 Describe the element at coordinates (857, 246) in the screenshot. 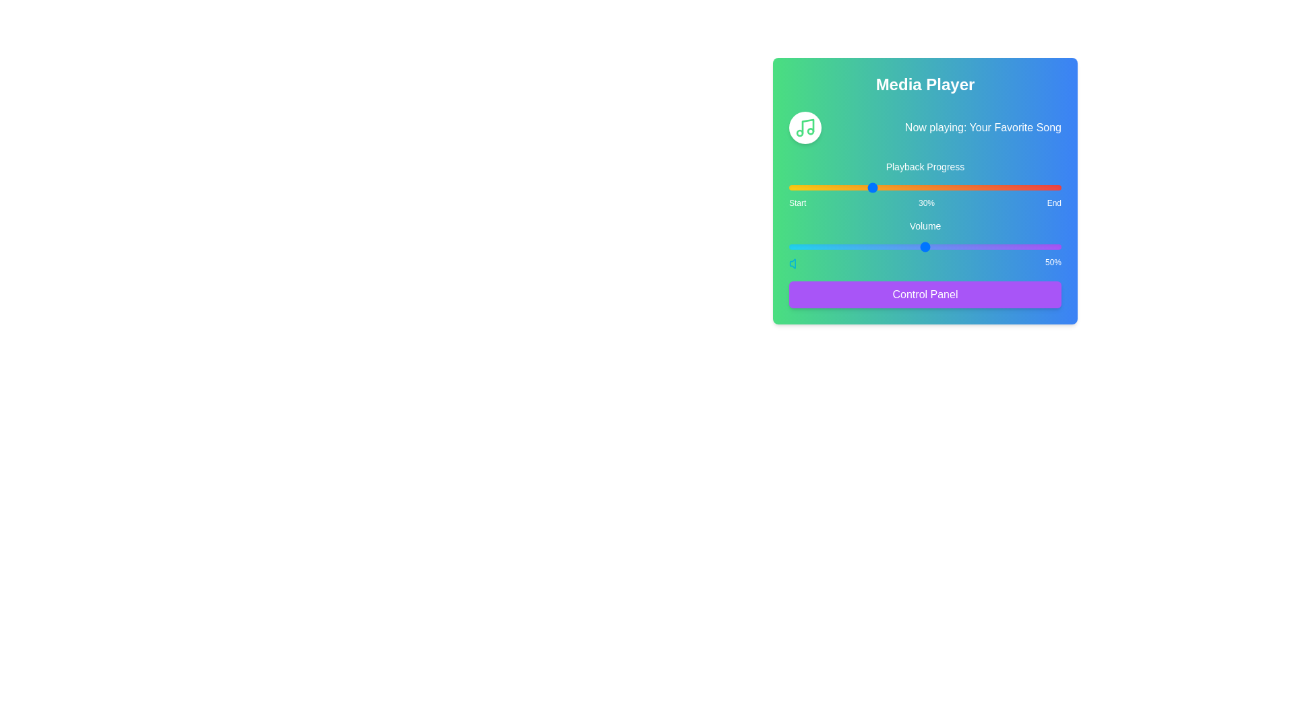

I see `the volume slider to 25%` at that location.